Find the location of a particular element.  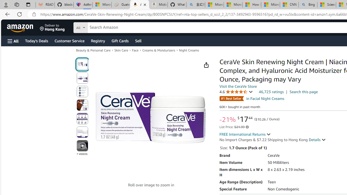

'Asthma Inhalers: Names and Types' is located at coordinates (82, 5).